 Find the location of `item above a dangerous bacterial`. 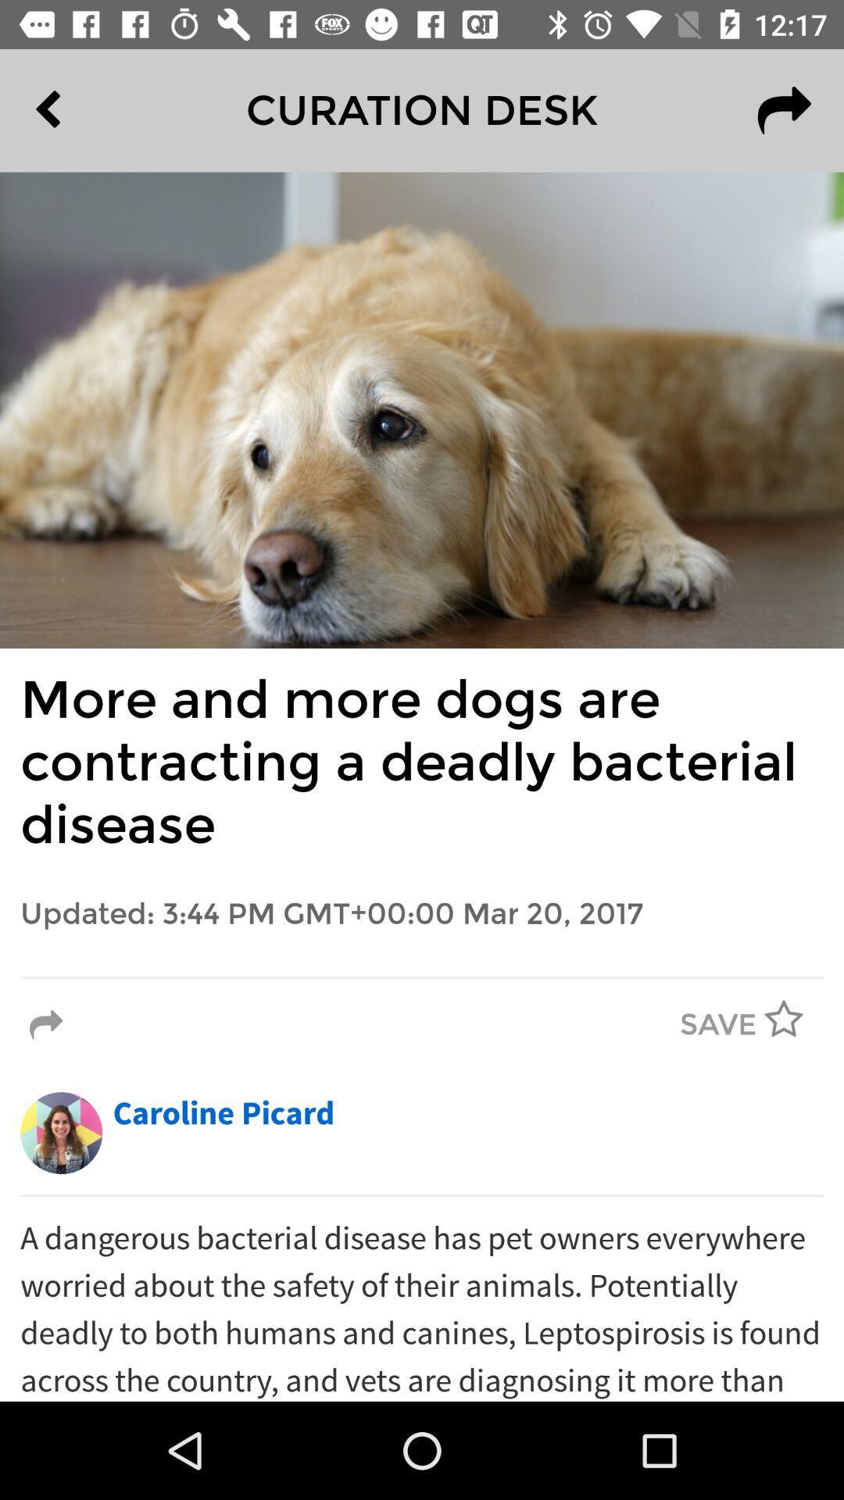

item above a dangerous bacterial is located at coordinates (422, 1195).